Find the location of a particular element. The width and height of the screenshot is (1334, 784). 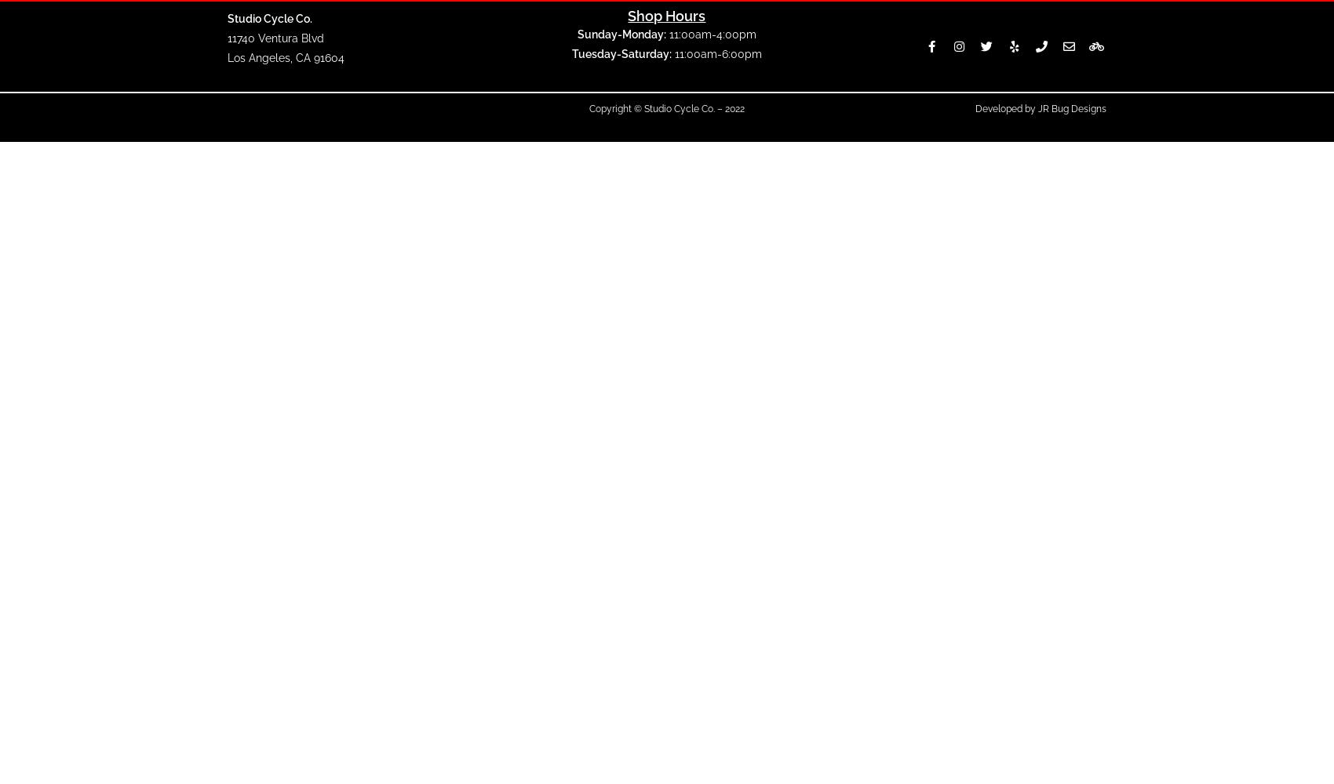

'Copyright © Studio Cycle Co. – 2022' is located at coordinates (665, 109).